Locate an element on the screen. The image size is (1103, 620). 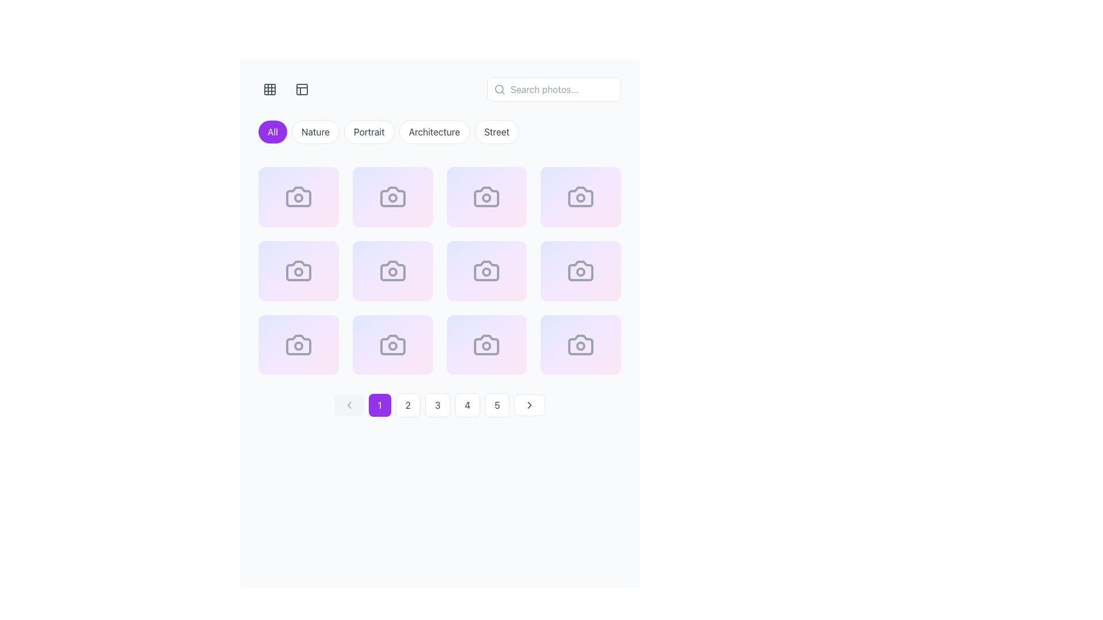
the camera icon located in the fourth column of the third row in a grid layout, which represents an image or photo-related feature is located at coordinates (581, 271).